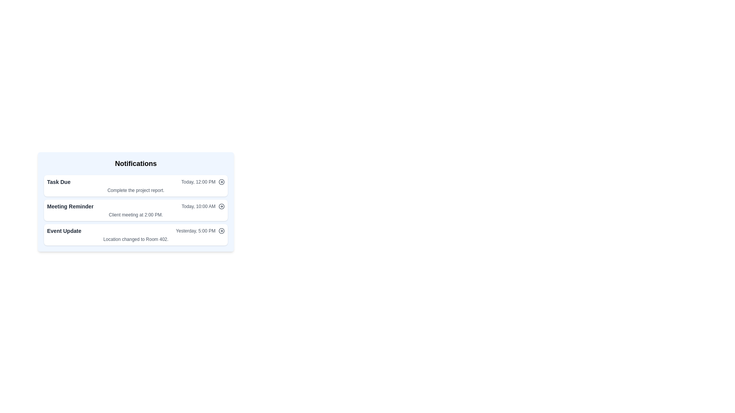 The width and height of the screenshot is (735, 413). Describe the element at coordinates (136, 234) in the screenshot. I see `the Notification card that displays information about a location change for an event` at that location.